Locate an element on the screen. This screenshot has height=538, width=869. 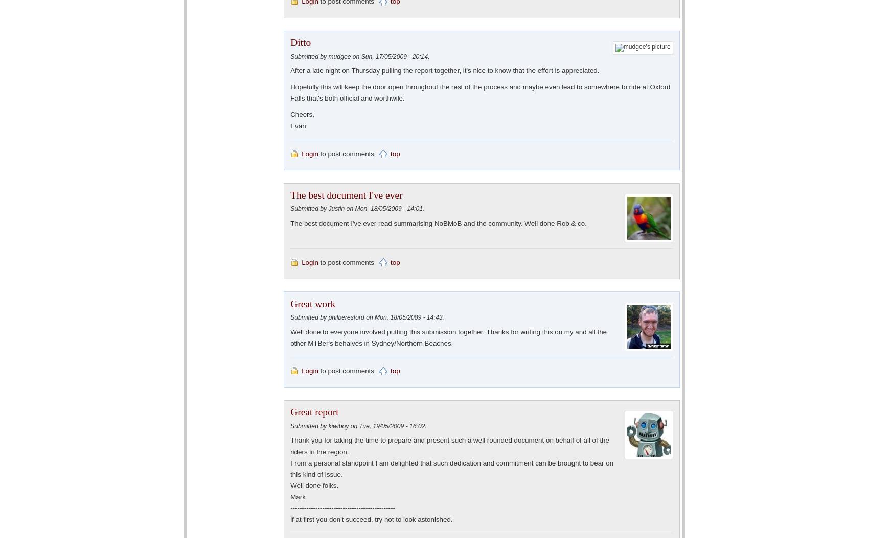
'Cheers,' is located at coordinates (301, 114).